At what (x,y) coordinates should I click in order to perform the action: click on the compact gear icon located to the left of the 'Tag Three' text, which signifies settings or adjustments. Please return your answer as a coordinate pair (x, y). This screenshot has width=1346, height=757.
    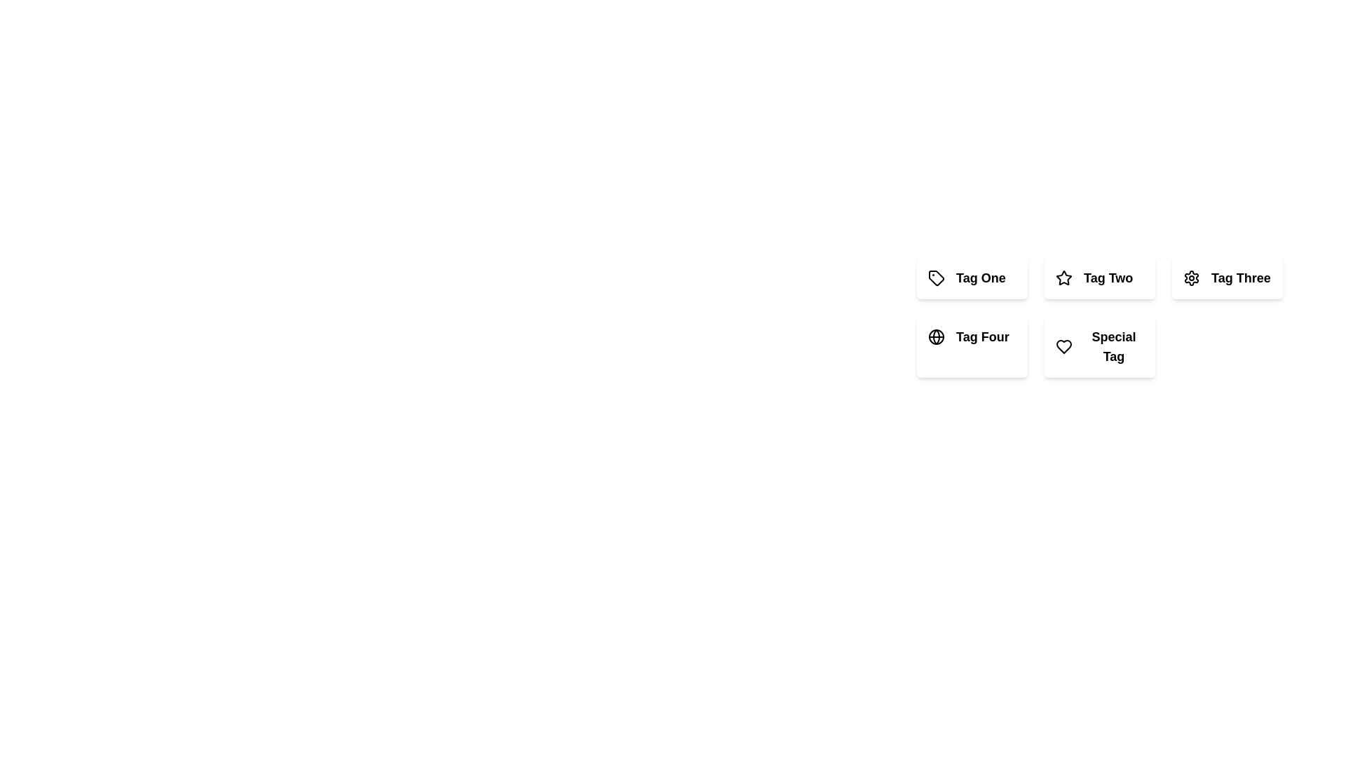
    Looking at the image, I should click on (1190, 278).